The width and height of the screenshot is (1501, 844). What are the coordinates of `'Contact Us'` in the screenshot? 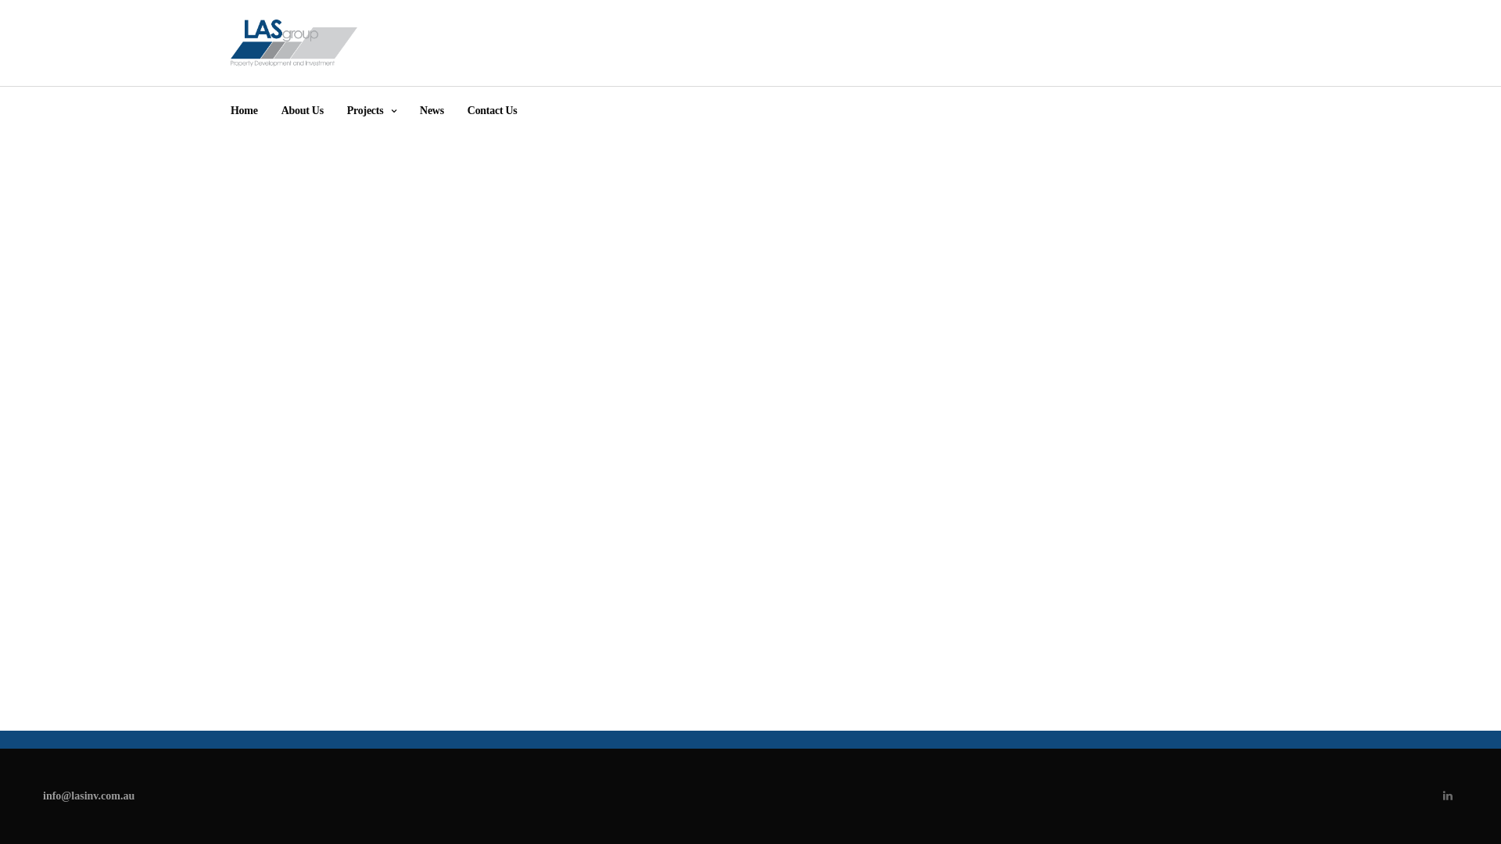 It's located at (467, 110).